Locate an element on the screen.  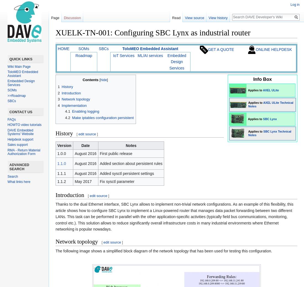
'May 2017' is located at coordinates (83, 182).